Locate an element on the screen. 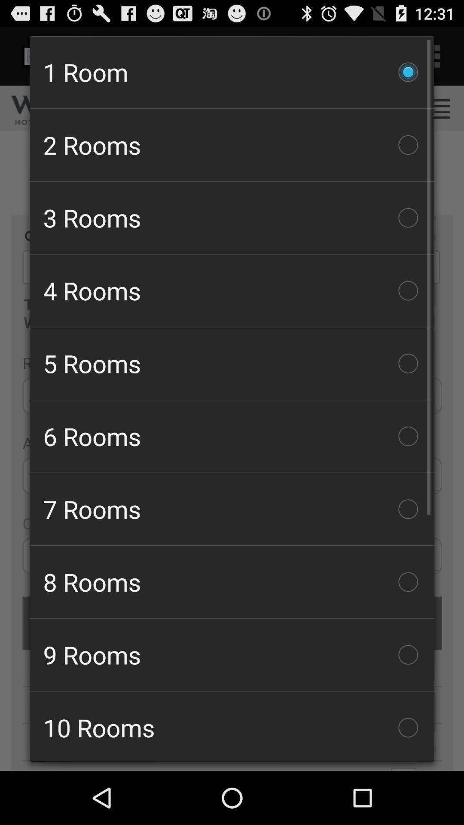  the item below the 6 rooms icon is located at coordinates (232, 509).